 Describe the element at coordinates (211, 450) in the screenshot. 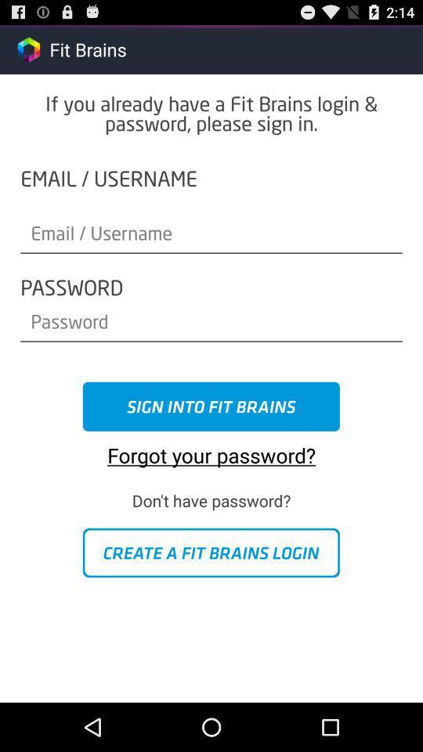

I see `icon below the sign into fit` at that location.